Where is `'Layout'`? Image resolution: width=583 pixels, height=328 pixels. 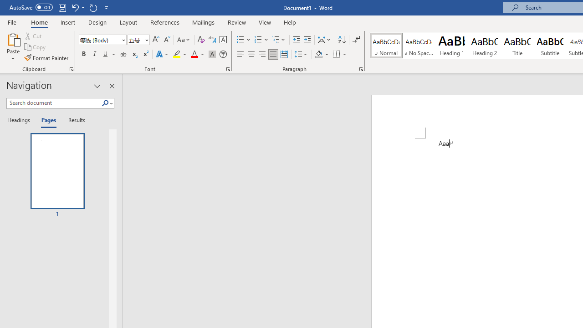 'Layout' is located at coordinates (128, 22).